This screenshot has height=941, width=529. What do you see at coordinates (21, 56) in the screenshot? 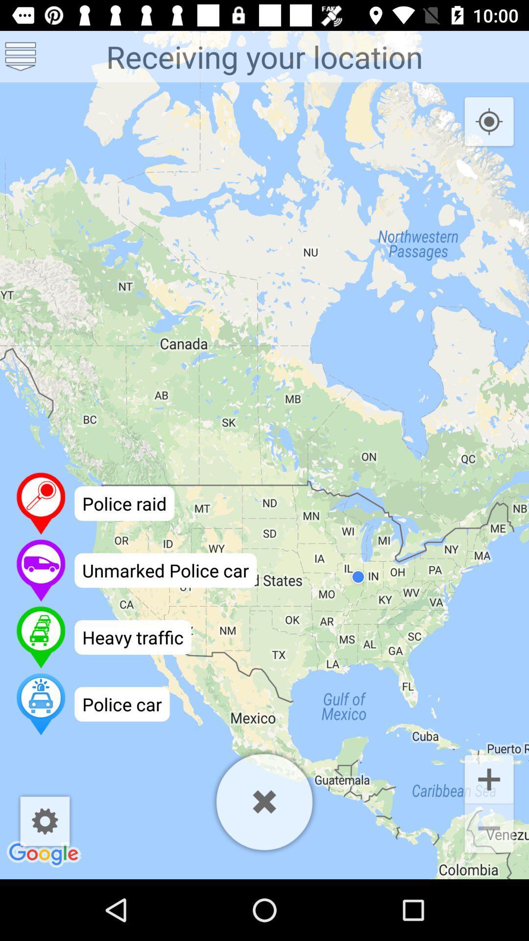
I see `see more options` at bounding box center [21, 56].